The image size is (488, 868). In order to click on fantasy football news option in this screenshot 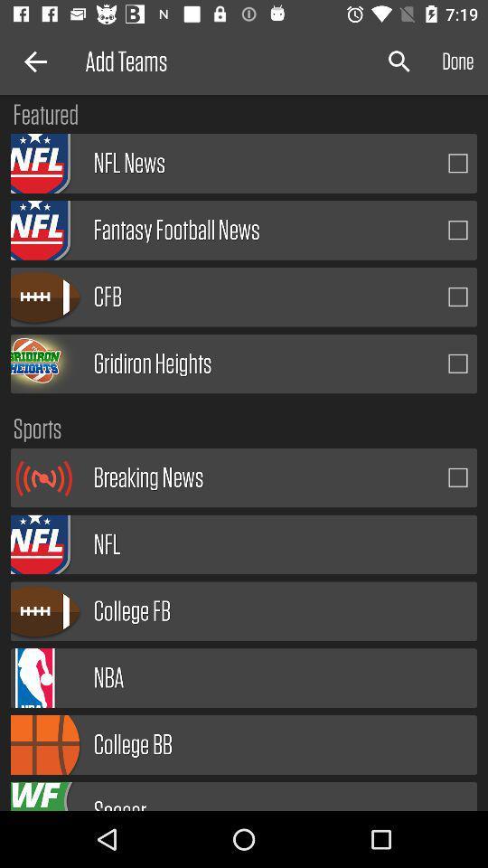, I will do `click(458, 229)`.